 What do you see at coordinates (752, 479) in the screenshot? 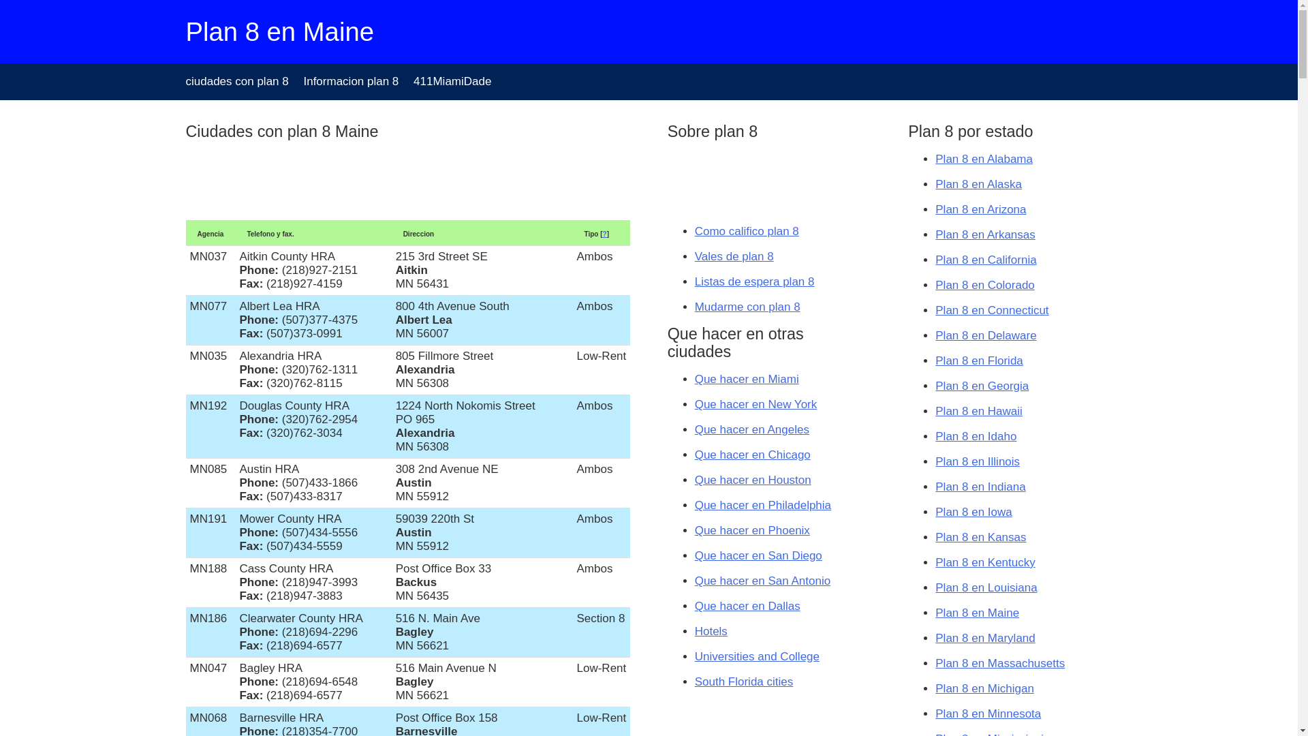
I see `'Que hacer en Houston'` at bounding box center [752, 479].